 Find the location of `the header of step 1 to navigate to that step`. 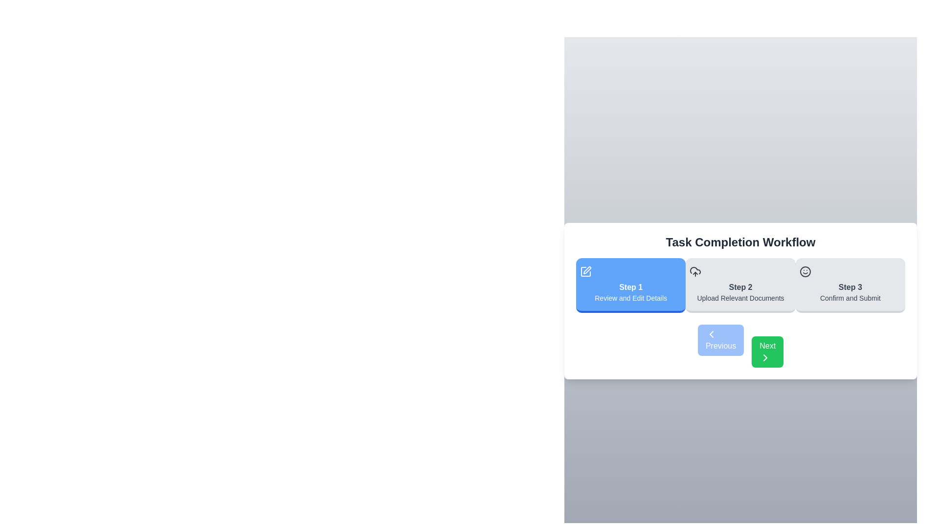

the header of step 1 to navigate to that step is located at coordinates (631, 285).